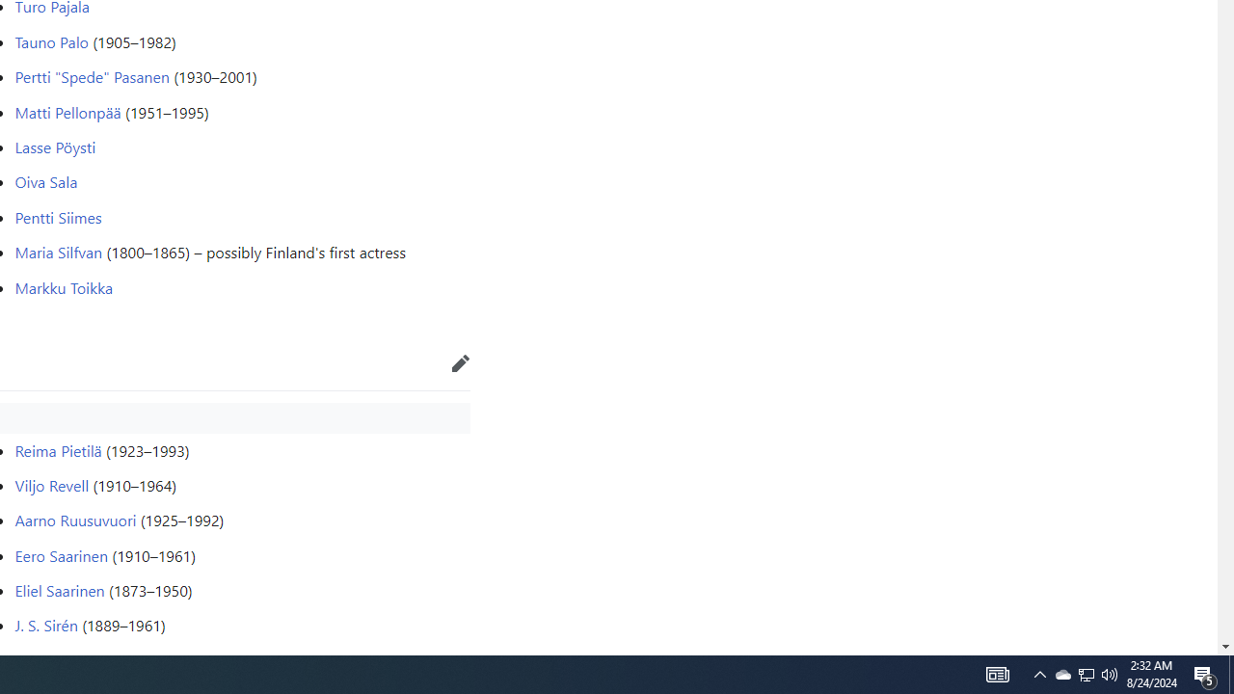  I want to click on 'Maria Silfvan', so click(59, 252).